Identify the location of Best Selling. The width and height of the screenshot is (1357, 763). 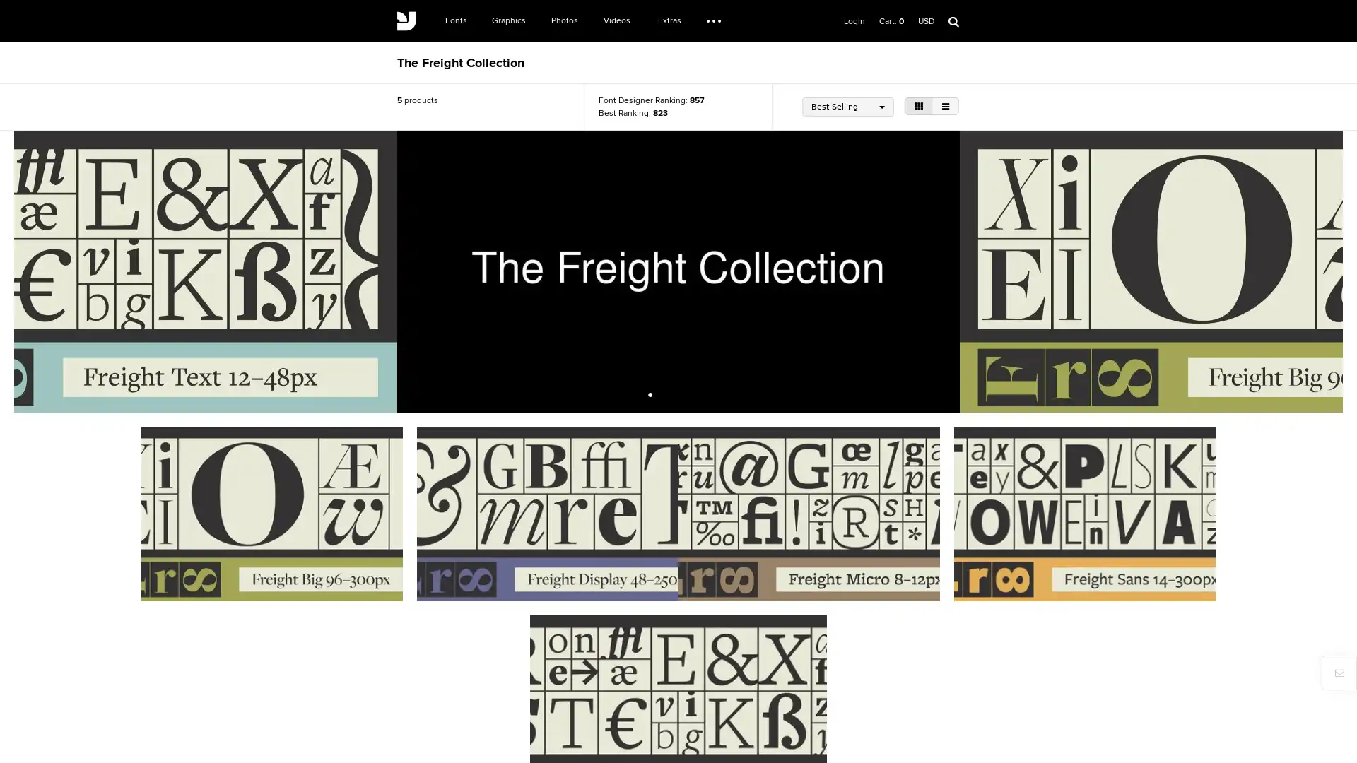
(848, 106).